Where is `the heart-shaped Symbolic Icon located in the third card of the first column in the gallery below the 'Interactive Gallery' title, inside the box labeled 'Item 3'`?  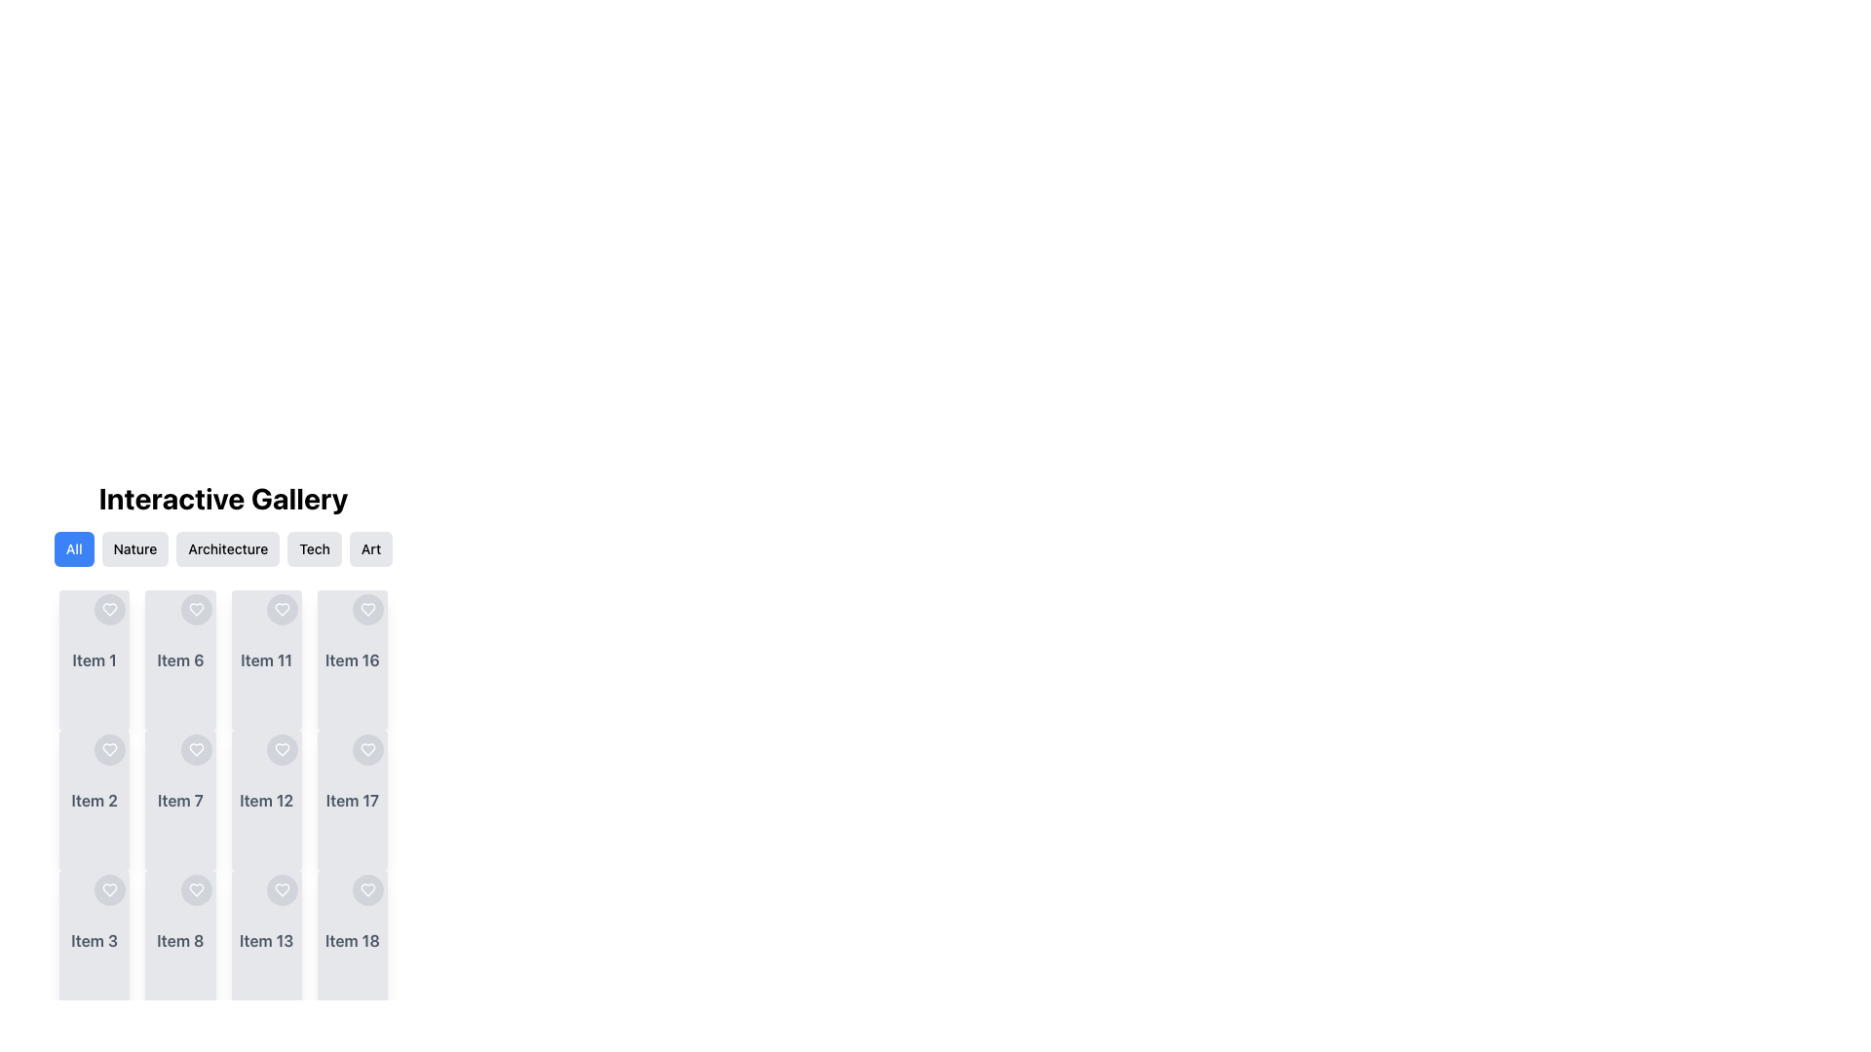 the heart-shaped Symbolic Icon located in the third card of the first column in the gallery below the 'Interactive Gallery' title, inside the box labeled 'Item 3' is located at coordinates (109, 890).